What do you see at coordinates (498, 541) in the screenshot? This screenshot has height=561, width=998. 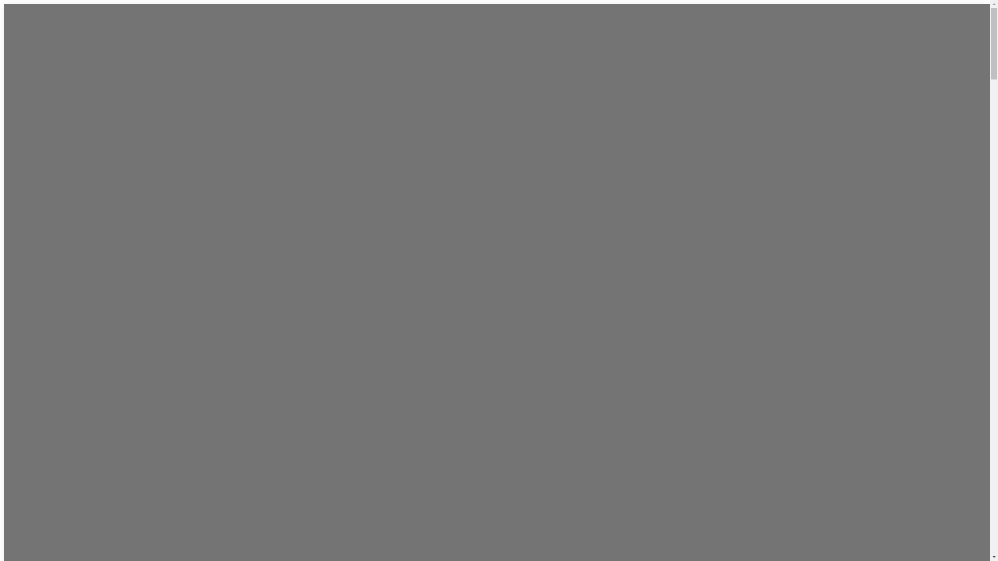 I see `'Land & Environment Court: Wollondilly Shire Council'` at bounding box center [498, 541].